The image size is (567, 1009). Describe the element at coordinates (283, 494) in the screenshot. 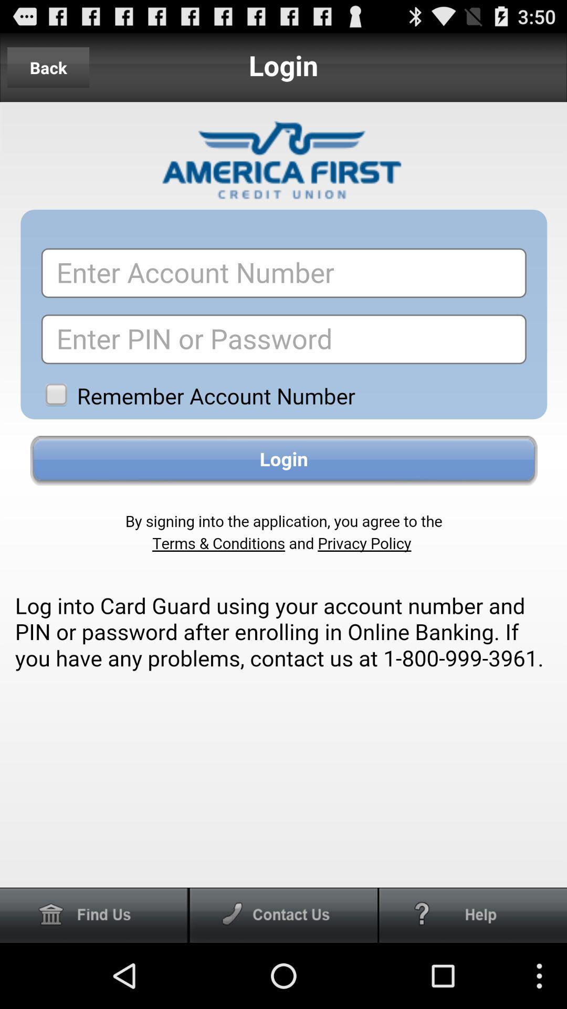

I see `login page` at that location.